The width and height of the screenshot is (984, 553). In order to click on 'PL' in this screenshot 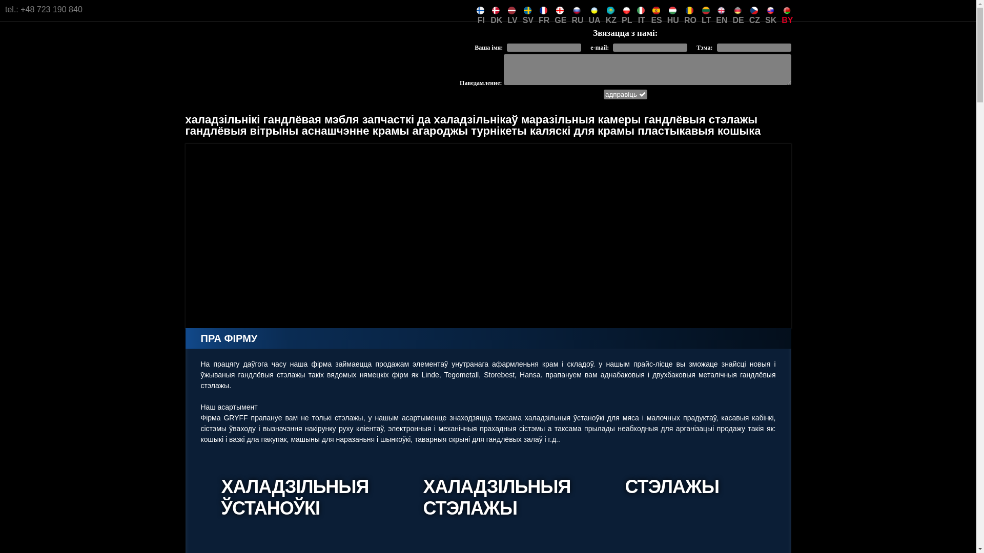, I will do `click(621, 10)`.